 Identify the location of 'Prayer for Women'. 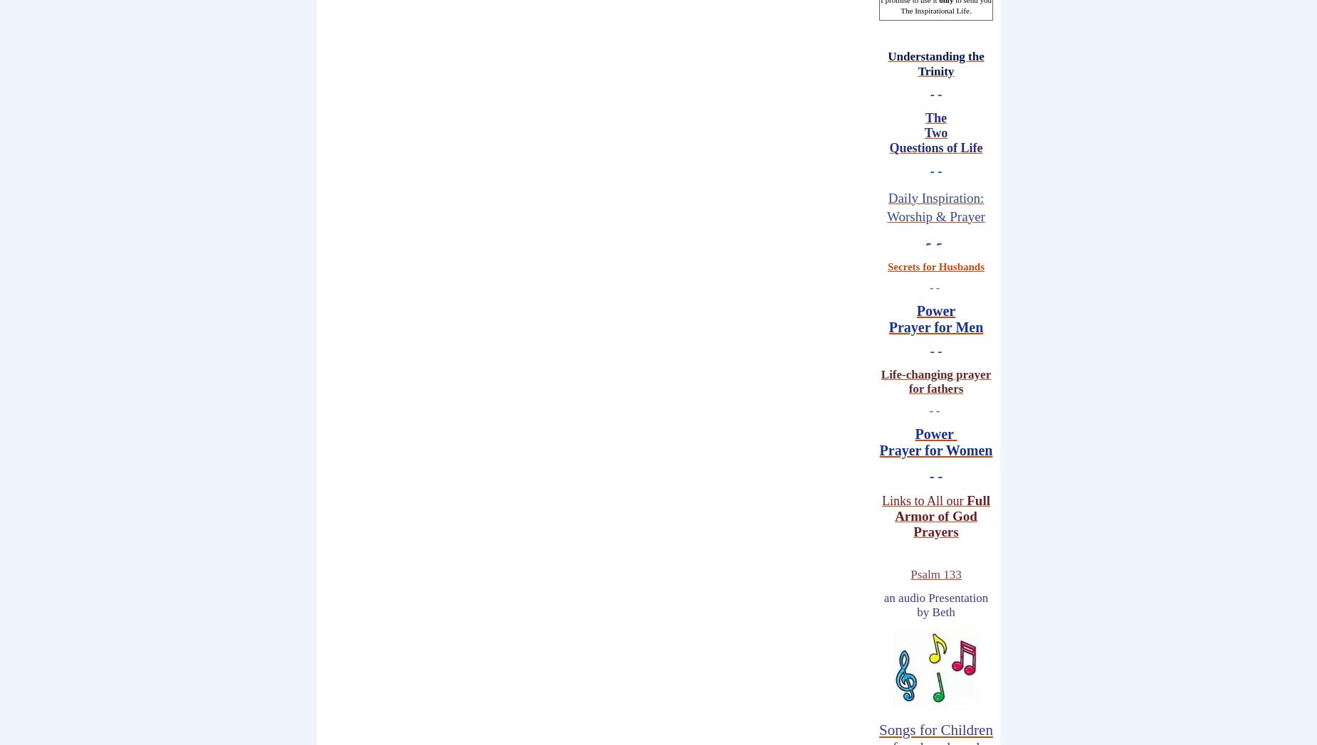
(935, 450).